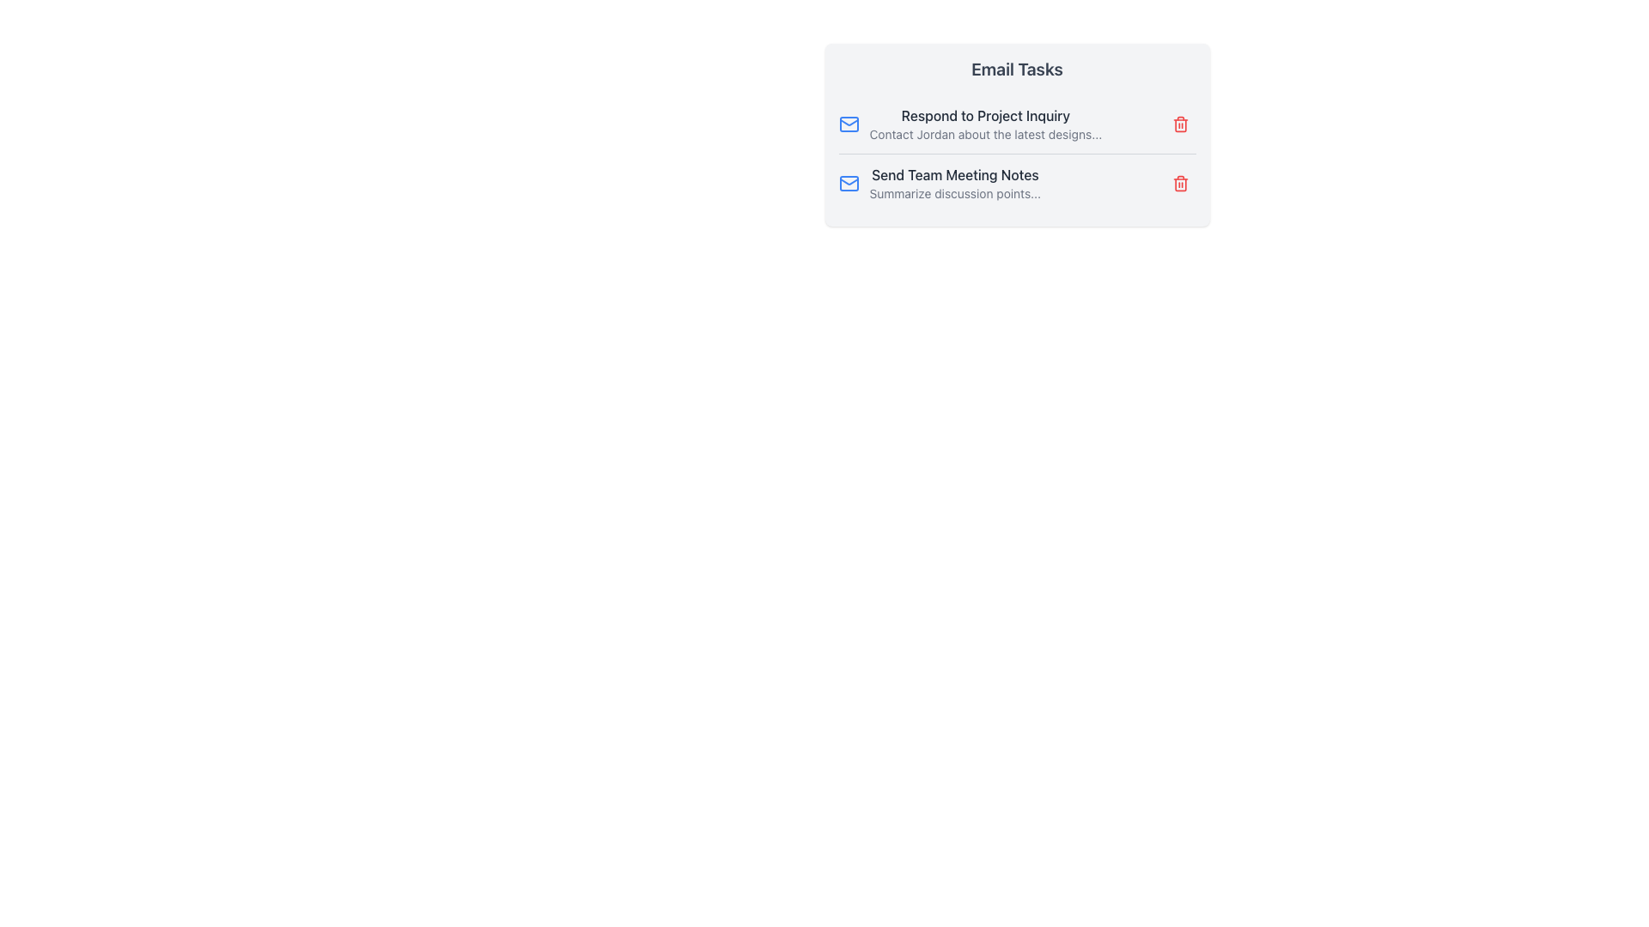  Describe the element at coordinates (939, 183) in the screenshot. I see `the second task list item` at that location.